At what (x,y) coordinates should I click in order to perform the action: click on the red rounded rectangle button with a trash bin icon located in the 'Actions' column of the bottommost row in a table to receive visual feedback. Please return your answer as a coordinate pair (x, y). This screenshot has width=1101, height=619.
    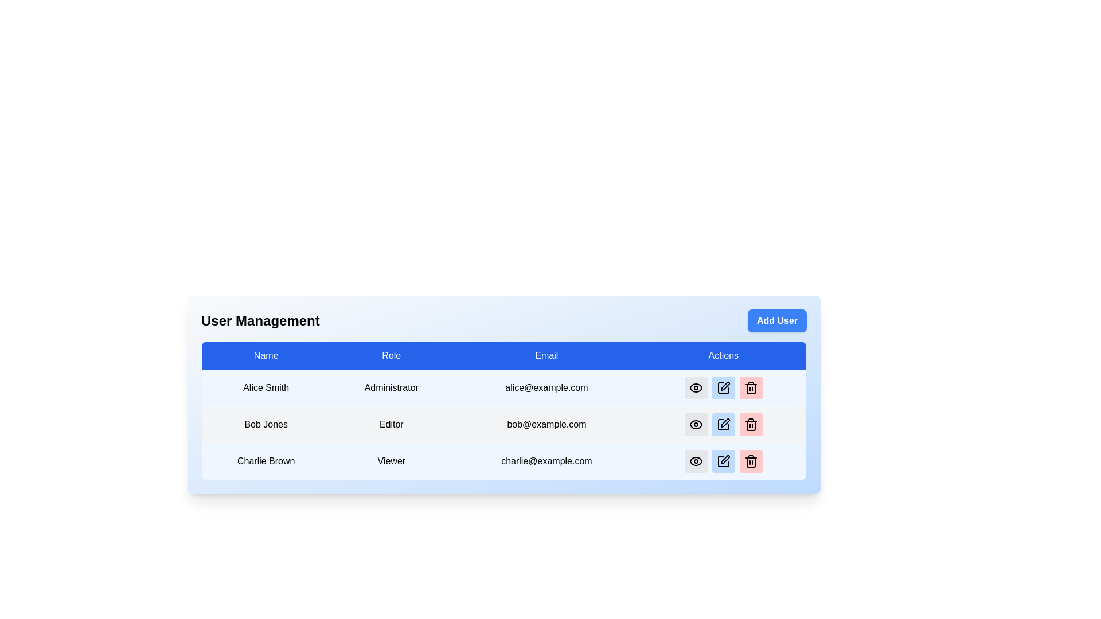
    Looking at the image, I should click on (751, 461).